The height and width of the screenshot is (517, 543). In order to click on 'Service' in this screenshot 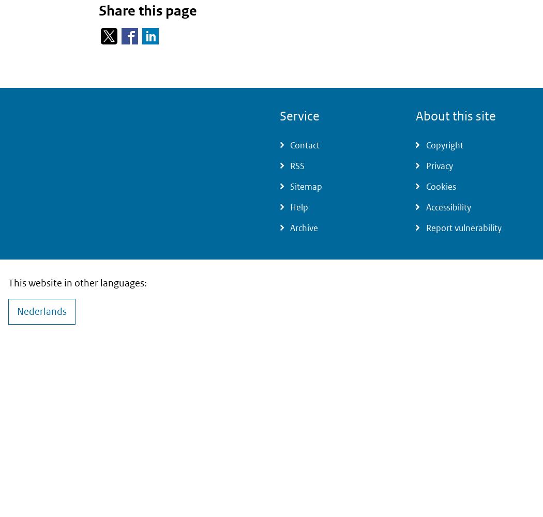, I will do `click(279, 116)`.